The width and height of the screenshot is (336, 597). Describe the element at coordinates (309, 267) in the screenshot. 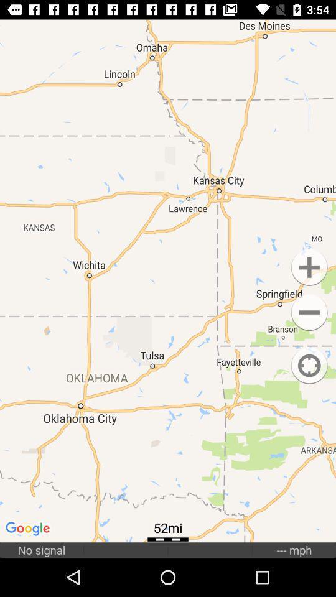

I see `the add icon` at that location.